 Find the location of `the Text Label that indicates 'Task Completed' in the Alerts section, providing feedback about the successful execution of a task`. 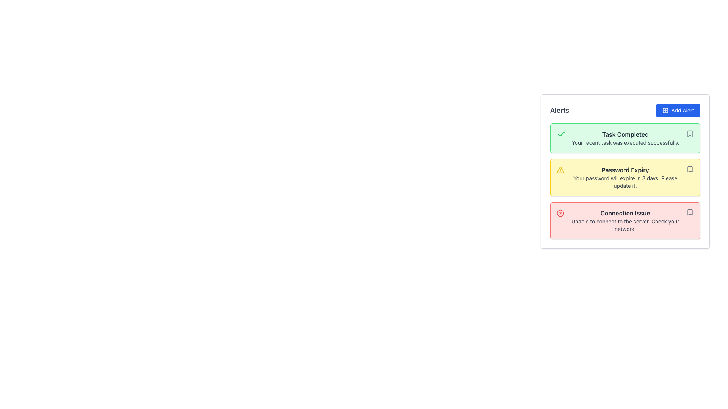

the Text Label that indicates 'Task Completed' in the Alerts section, providing feedback about the successful execution of a task is located at coordinates (625, 134).